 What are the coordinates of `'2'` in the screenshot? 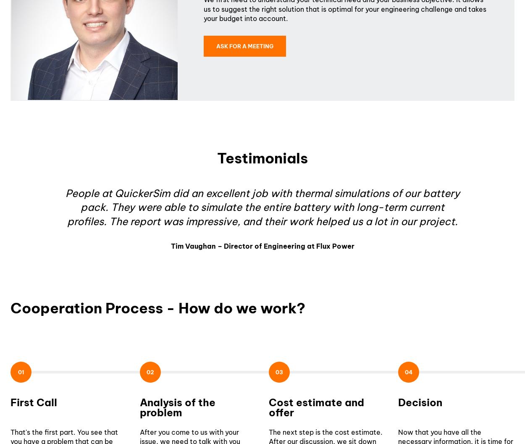 It's located at (151, 371).